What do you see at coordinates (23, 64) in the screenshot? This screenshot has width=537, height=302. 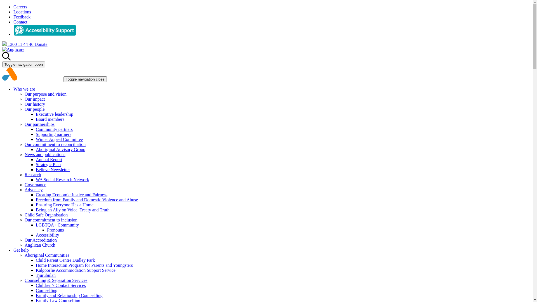 I see `'Toggle navigation open'` at bounding box center [23, 64].